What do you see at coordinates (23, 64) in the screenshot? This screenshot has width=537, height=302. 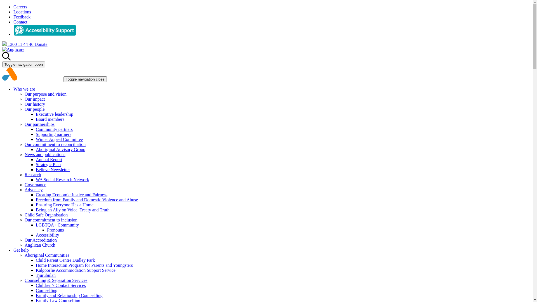 I see `'Toggle navigation open'` at bounding box center [23, 64].